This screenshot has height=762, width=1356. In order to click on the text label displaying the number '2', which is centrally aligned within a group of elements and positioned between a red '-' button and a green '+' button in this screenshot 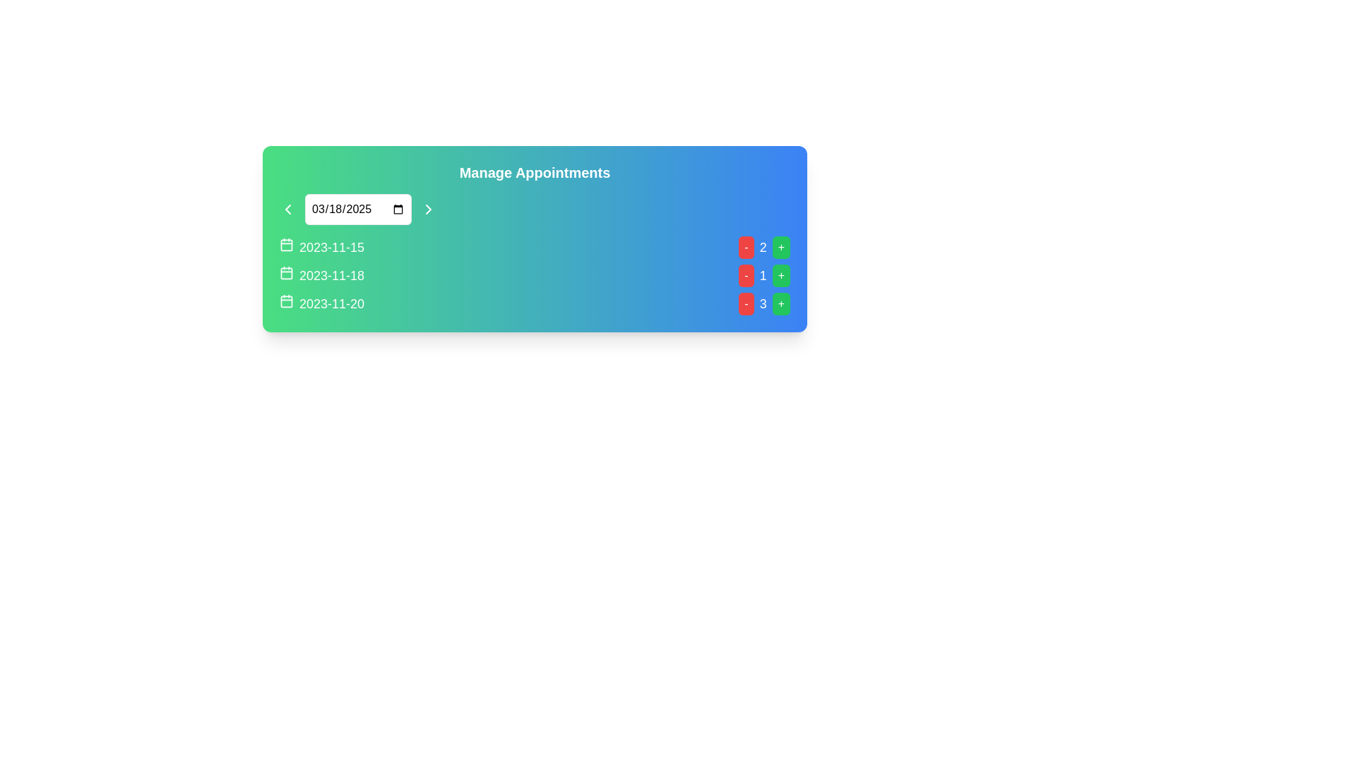, I will do `click(762, 247)`.